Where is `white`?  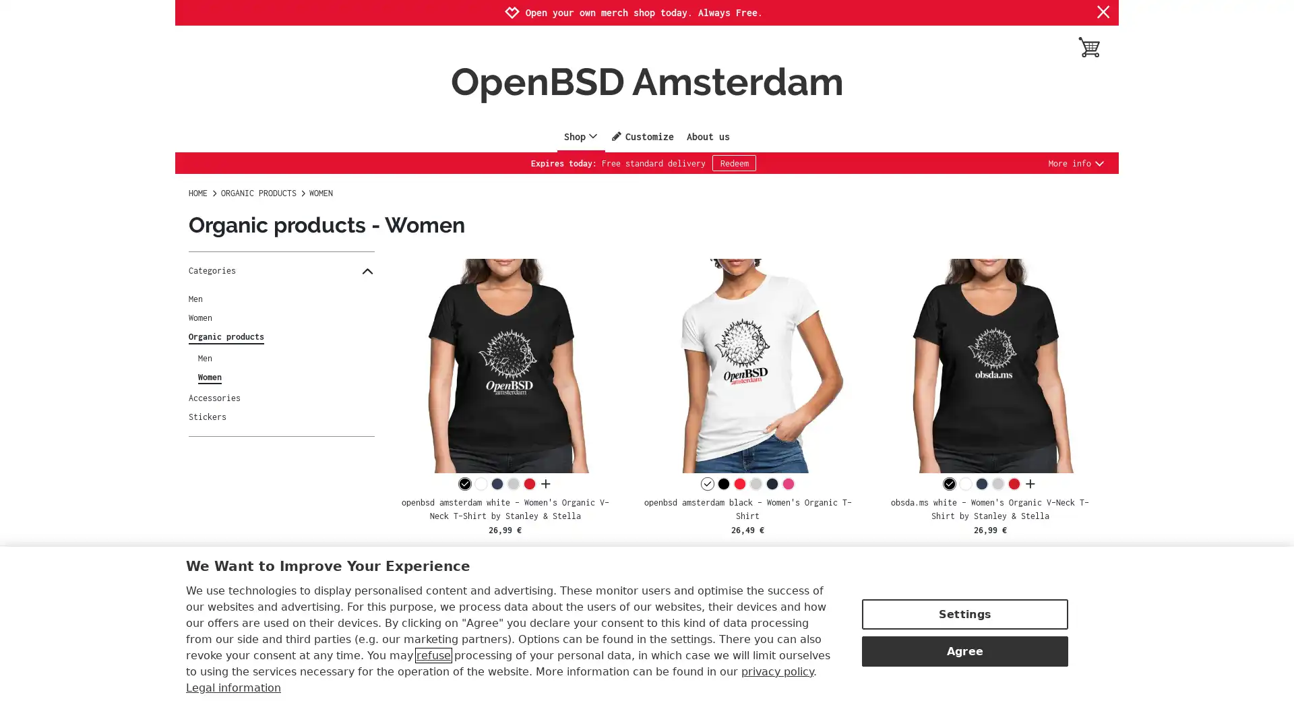 white is located at coordinates (481, 483).